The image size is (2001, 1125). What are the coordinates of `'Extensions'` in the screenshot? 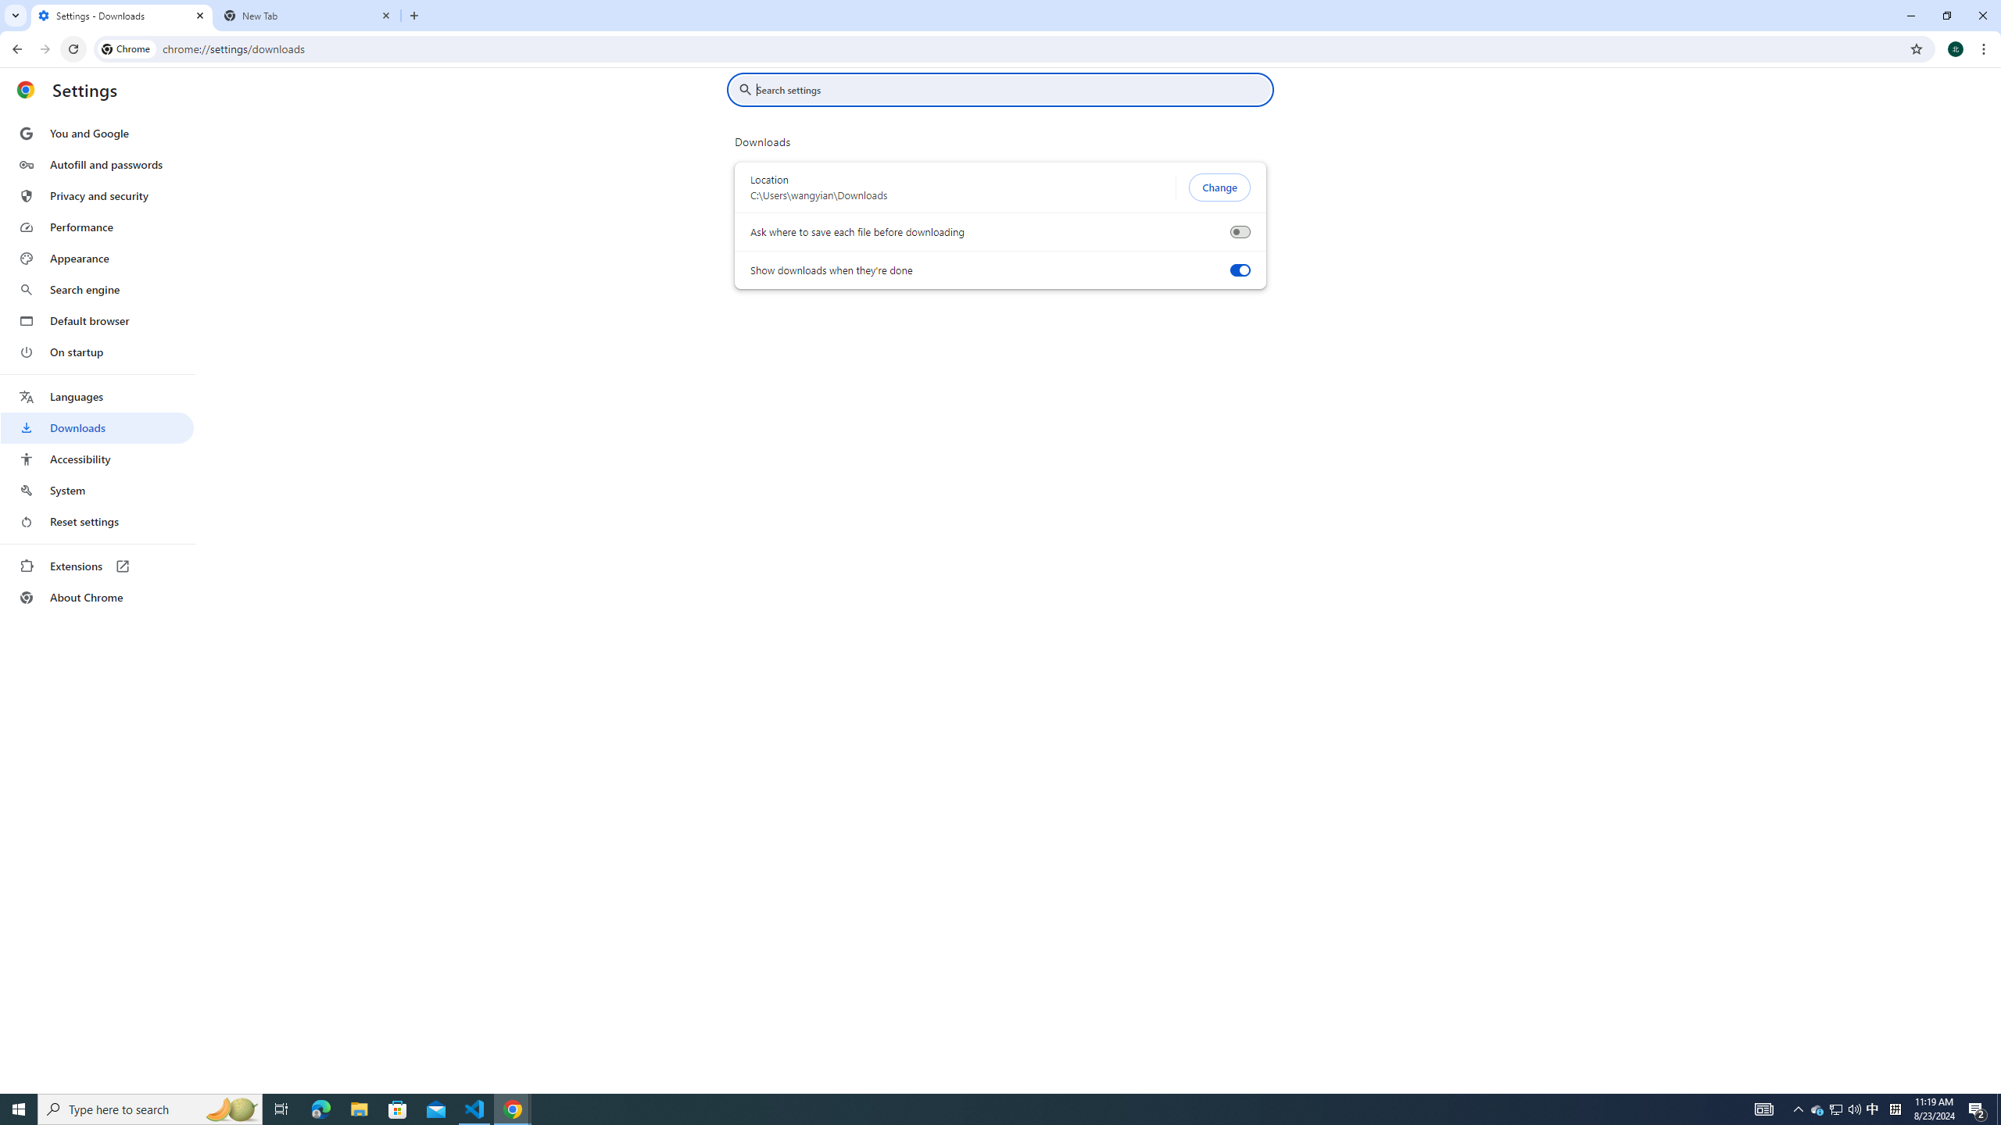 It's located at (96, 566).